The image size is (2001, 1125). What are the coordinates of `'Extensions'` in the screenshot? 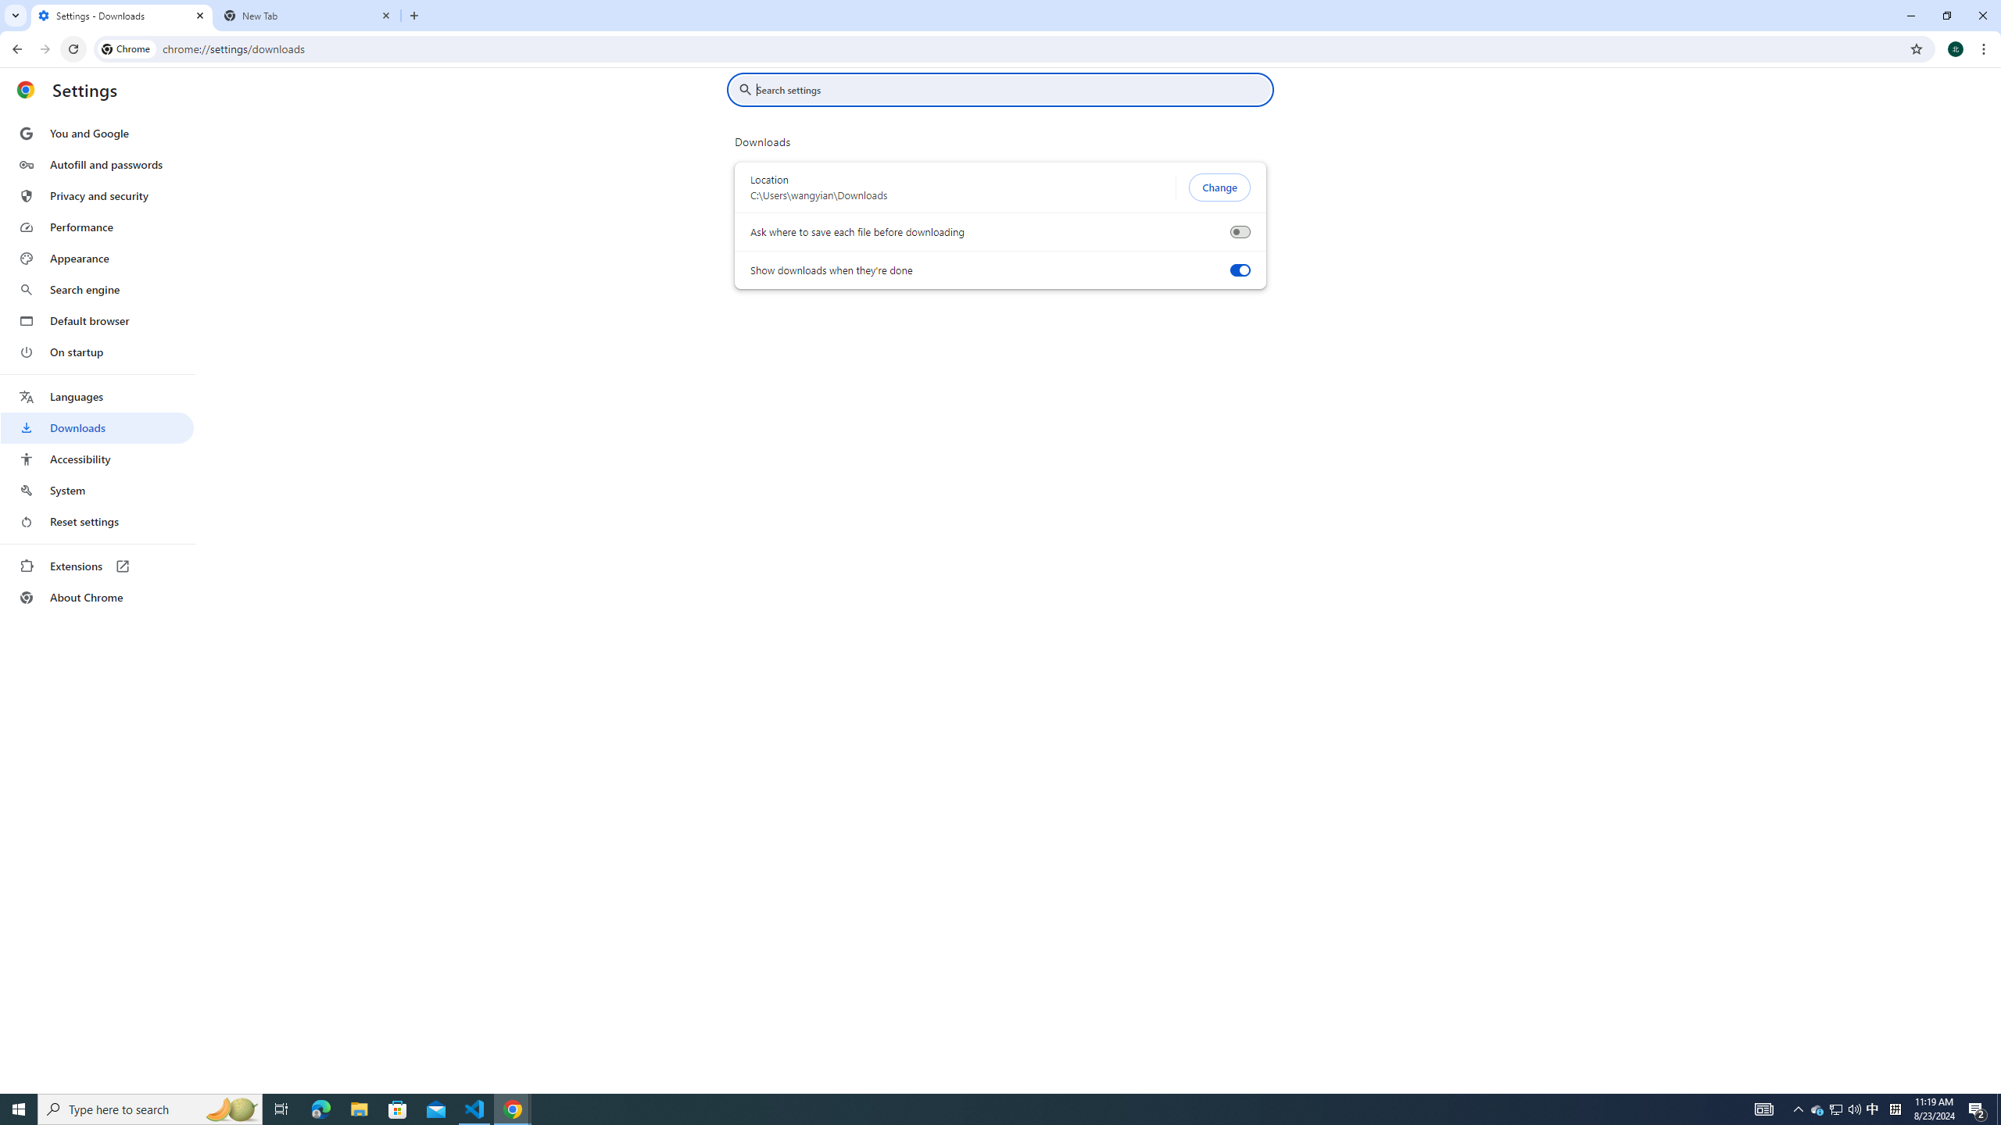 It's located at (96, 566).